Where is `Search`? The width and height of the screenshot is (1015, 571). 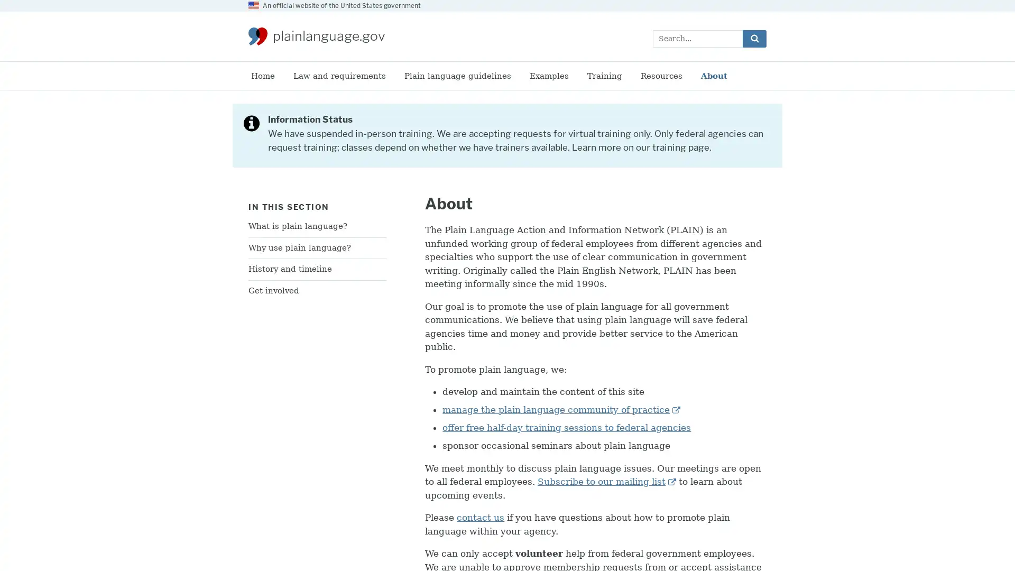
Search is located at coordinates (754, 38).